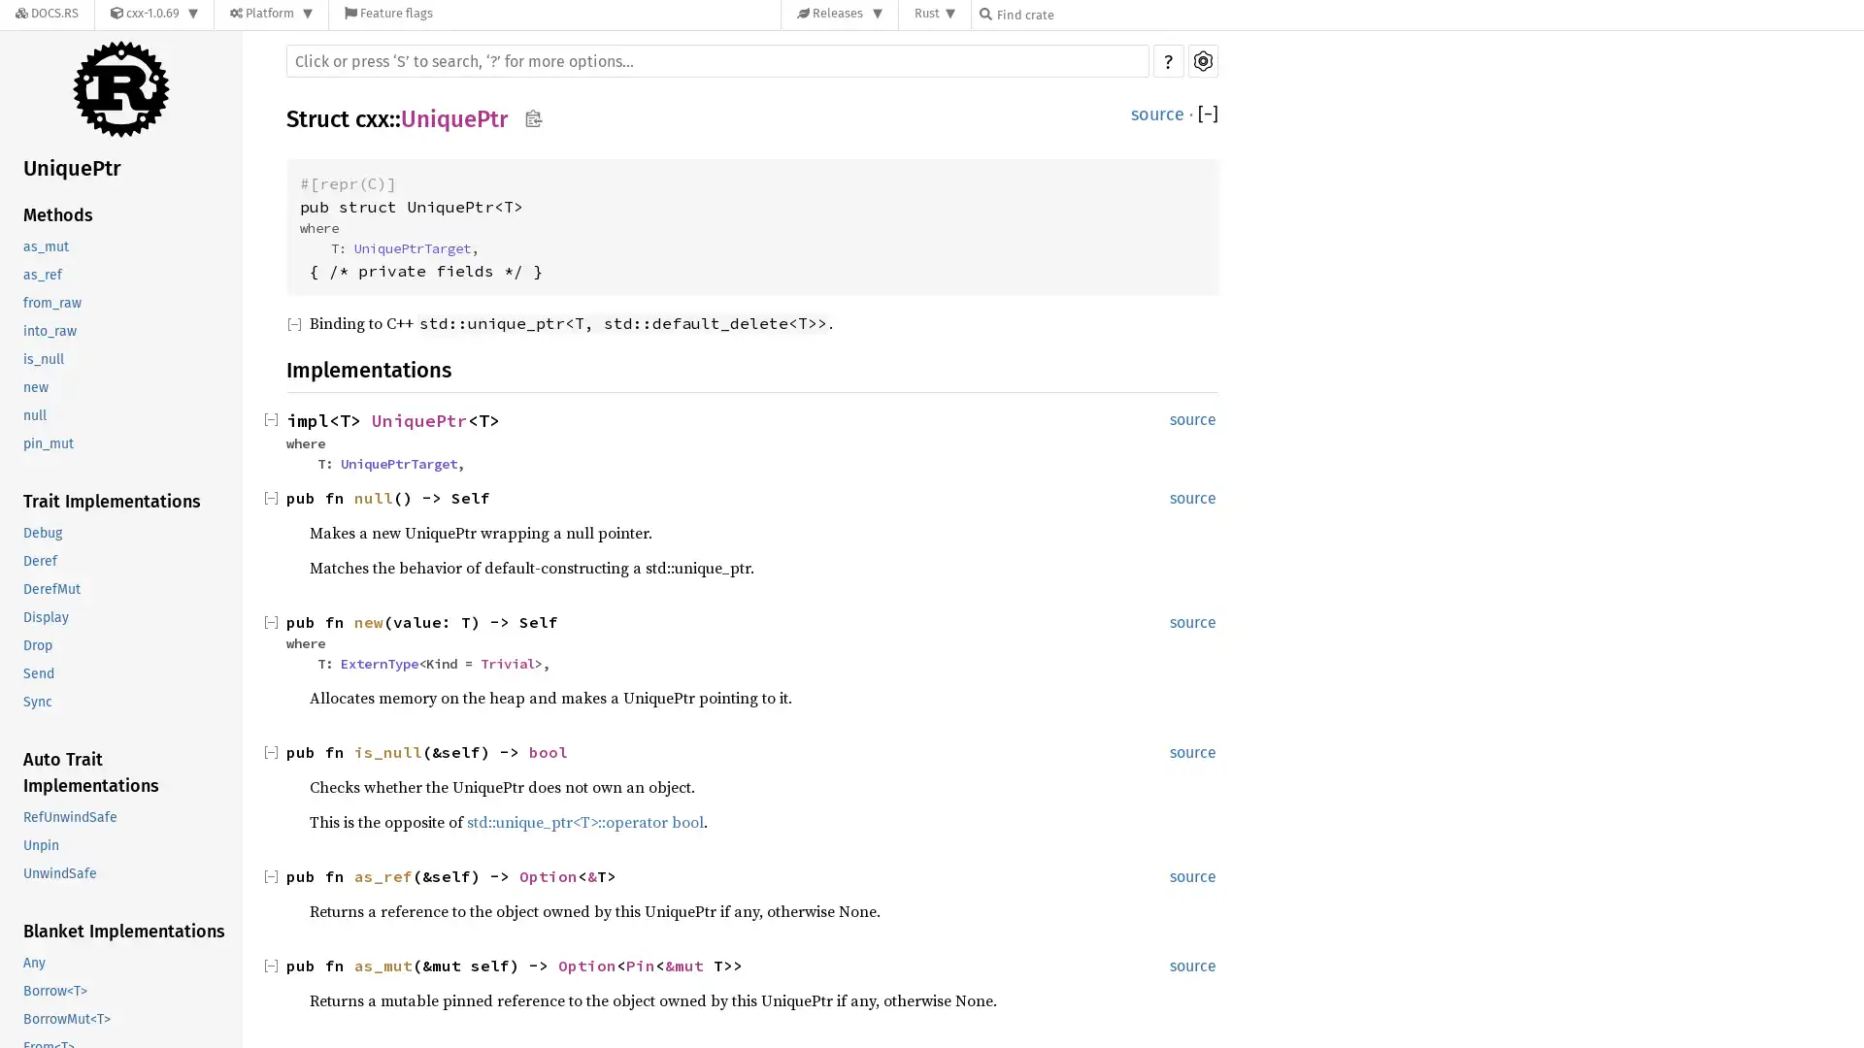  Describe the element at coordinates (533, 118) in the screenshot. I see `Copy item path` at that location.